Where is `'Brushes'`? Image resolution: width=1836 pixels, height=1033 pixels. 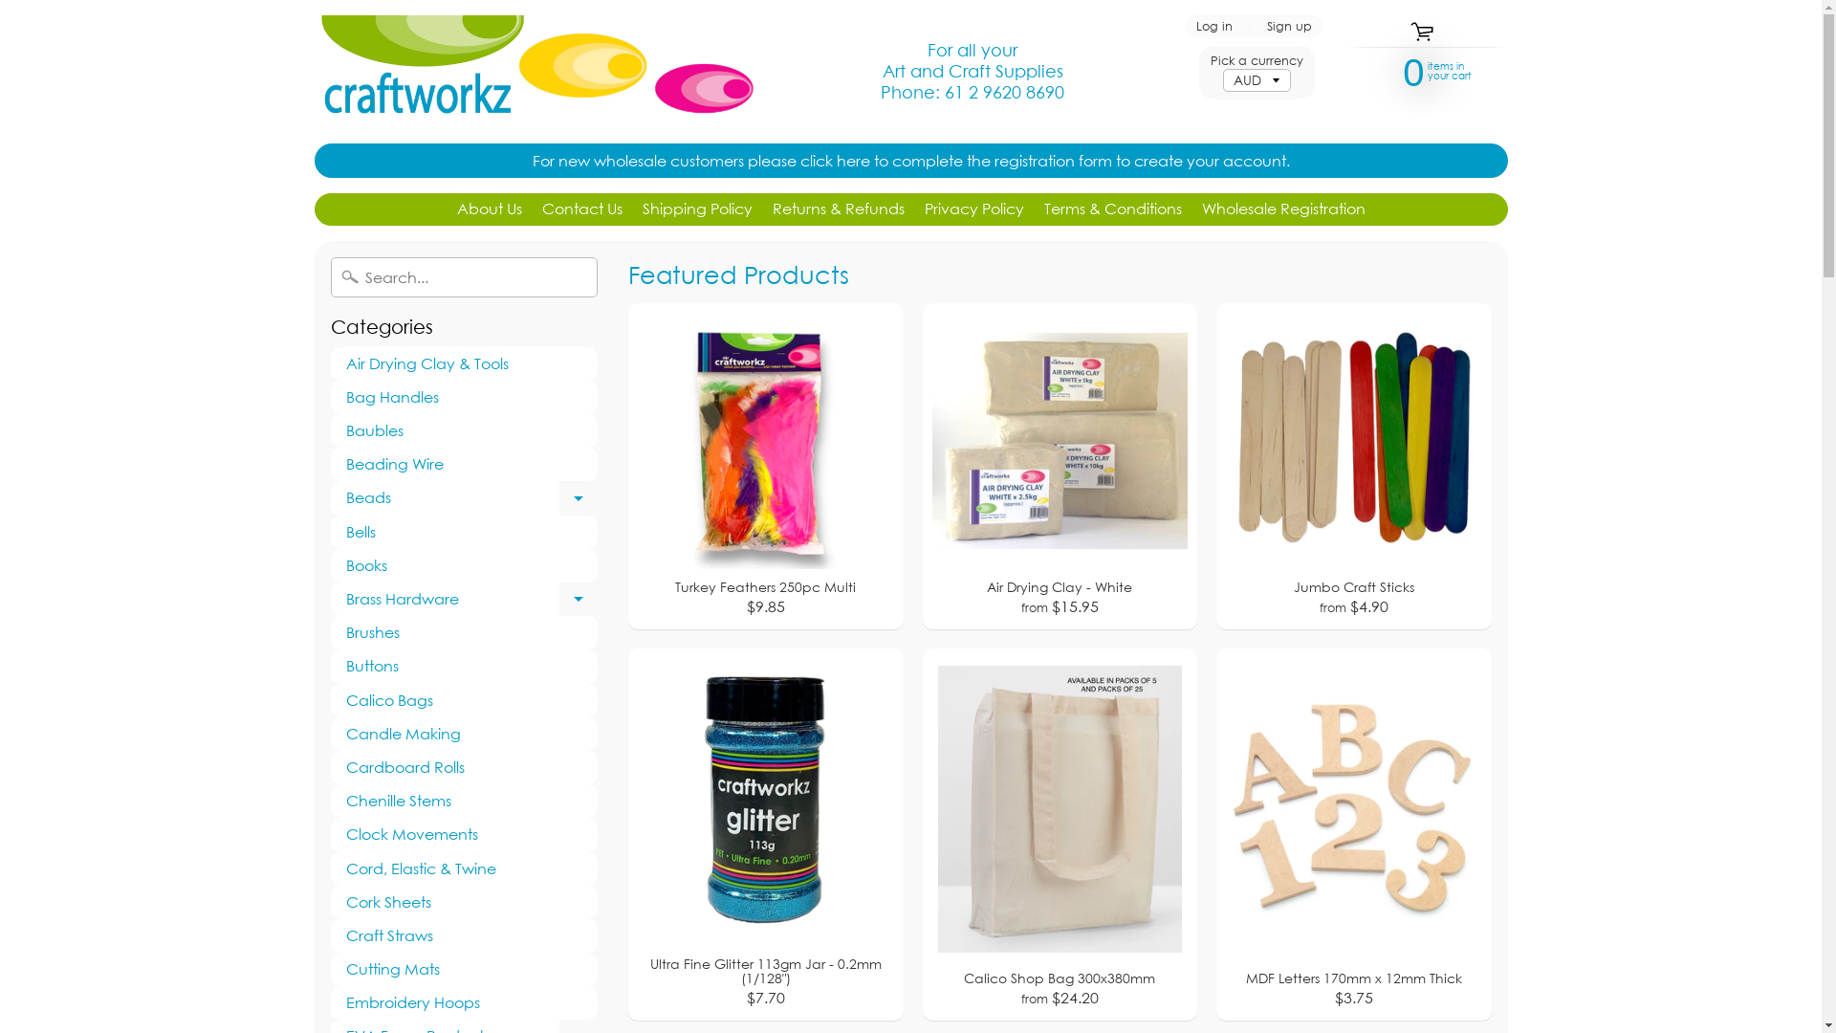
'Brushes' is located at coordinates (330, 632).